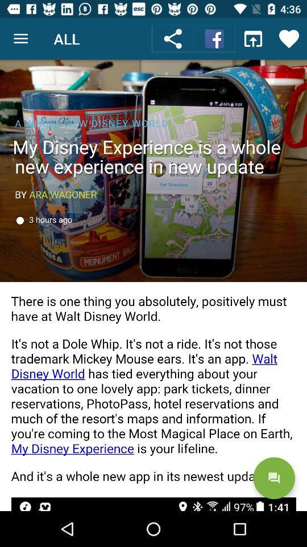 The image size is (307, 547). Describe the element at coordinates (153, 285) in the screenshot. I see `full content selection` at that location.